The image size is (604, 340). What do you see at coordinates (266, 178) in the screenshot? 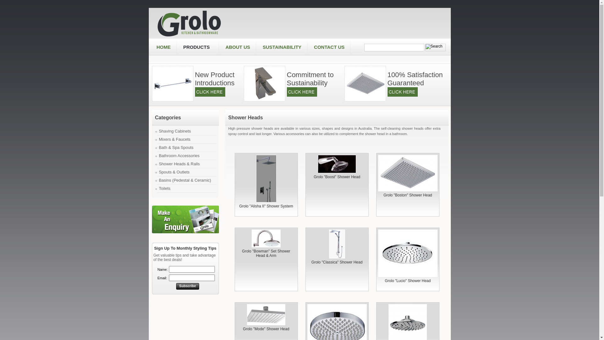
I see `'Grolo "Alisha II" Shower System'` at bounding box center [266, 178].